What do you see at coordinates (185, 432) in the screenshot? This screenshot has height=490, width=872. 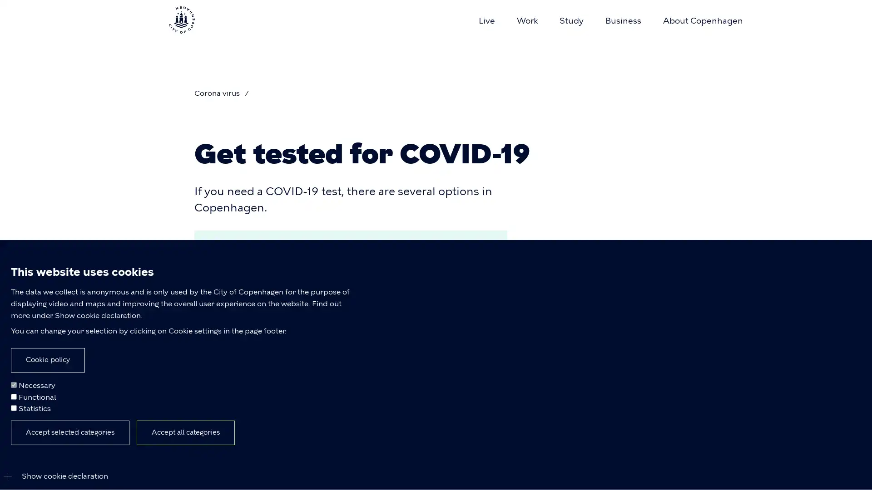 I see `Accept all categories` at bounding box center [185, 432].